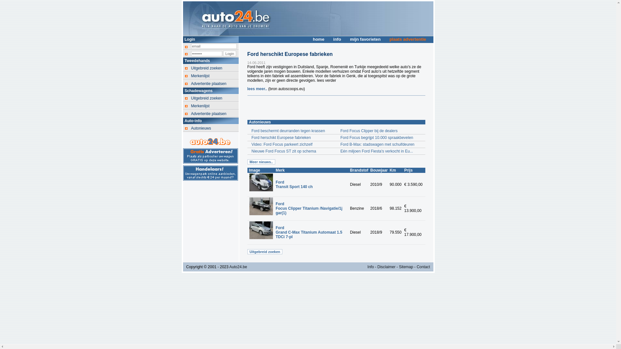  Describe the element at coordinates (246, 162) in the screenshot. I see `'Meer nieuws..'` at that location.